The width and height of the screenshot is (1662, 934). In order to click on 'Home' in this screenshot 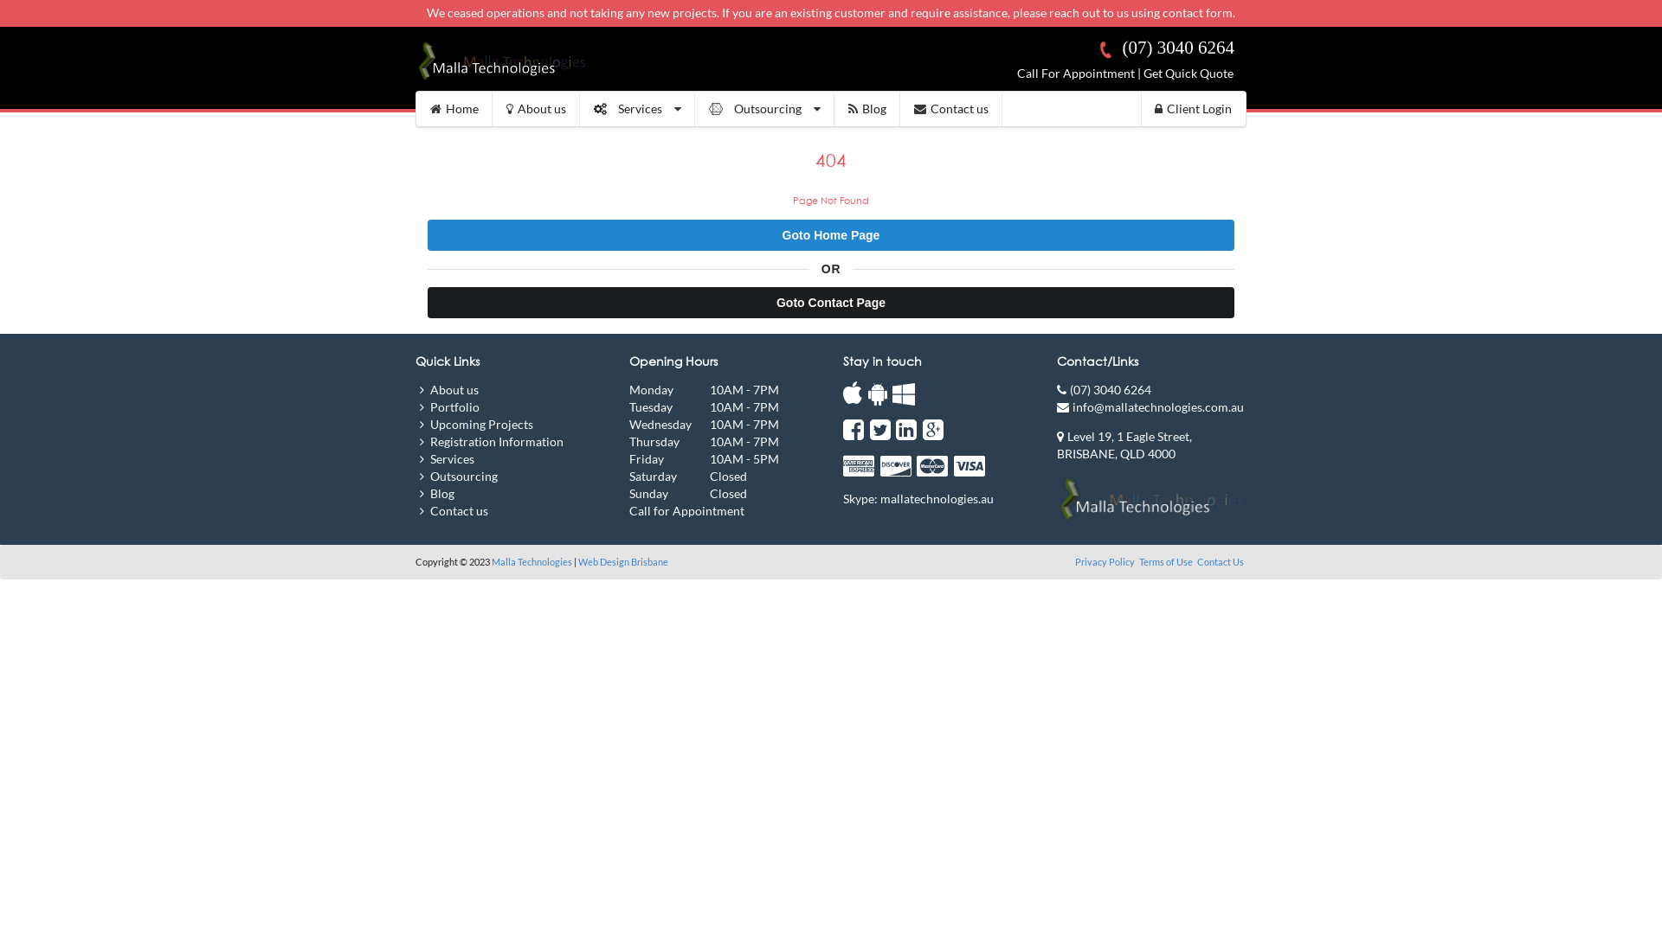, I will do `click(454, 109)`.